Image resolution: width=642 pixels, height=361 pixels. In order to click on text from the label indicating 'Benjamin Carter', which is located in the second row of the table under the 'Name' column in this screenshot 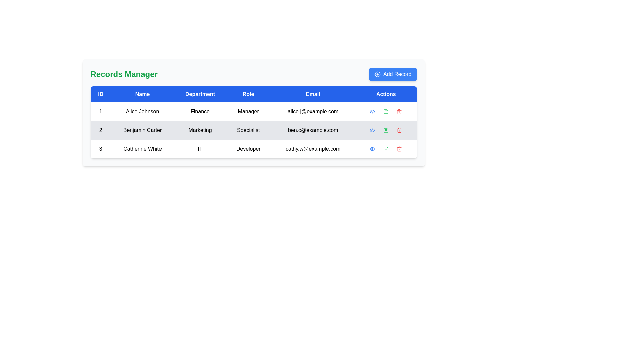, I will do `click(142, 130)`.